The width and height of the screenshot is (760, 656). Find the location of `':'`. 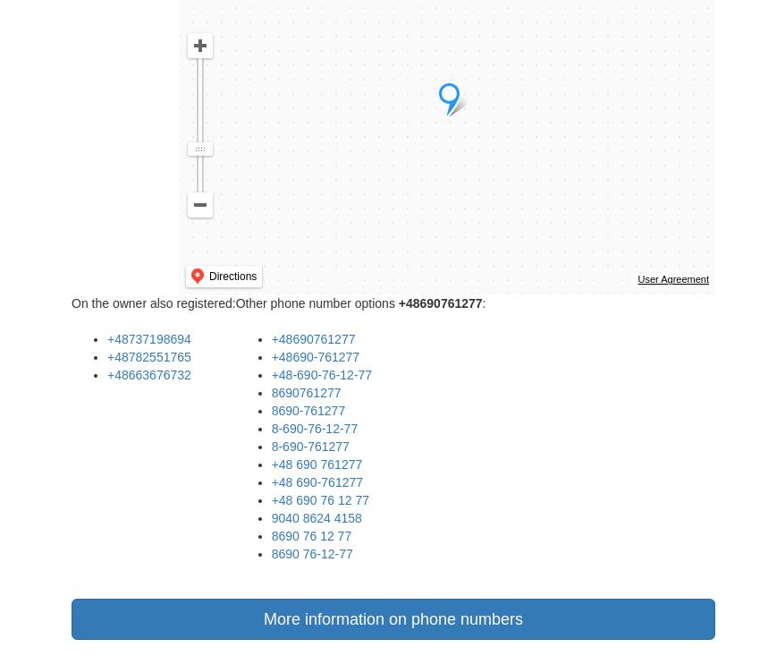

':' is located at coordinates (483, 302).